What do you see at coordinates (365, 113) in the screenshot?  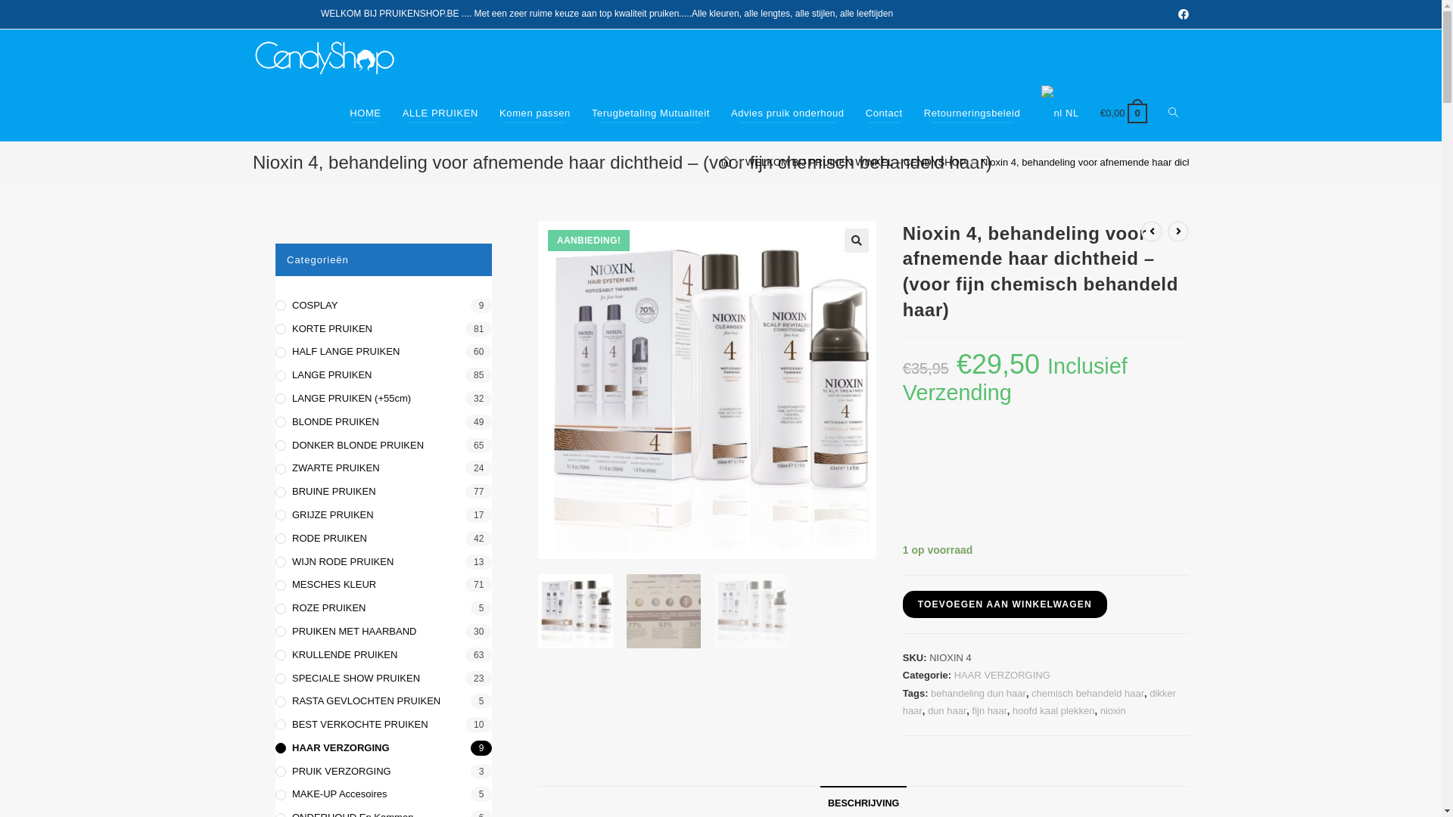 I see `'HOME'` at bounding box center [365, 113].